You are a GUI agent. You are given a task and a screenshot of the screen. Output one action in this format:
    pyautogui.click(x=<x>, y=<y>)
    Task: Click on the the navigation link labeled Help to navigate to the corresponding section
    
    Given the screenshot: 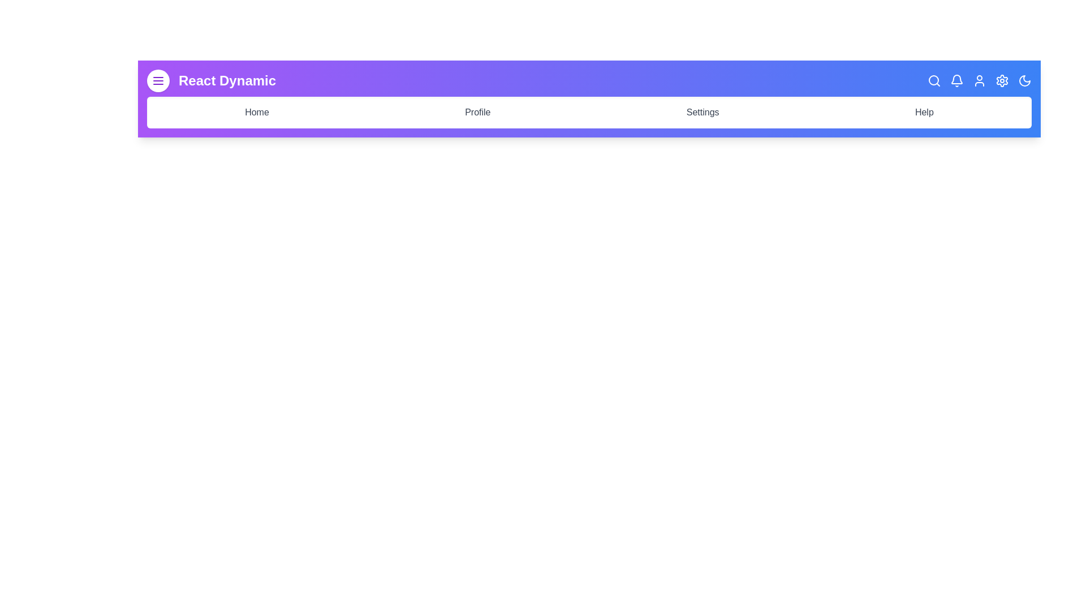 What is the action you would take?
    pyautogui.click(x=924, y=113)
    